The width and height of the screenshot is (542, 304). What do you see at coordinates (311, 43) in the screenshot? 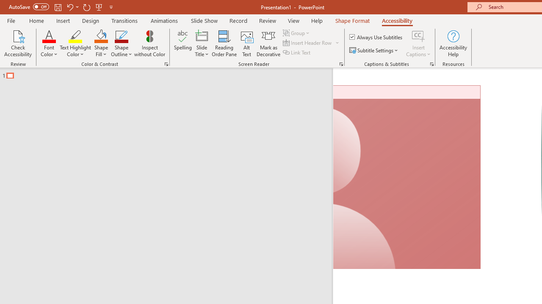
I see `'Insert Header Row'` at bounding box center [311, 43].